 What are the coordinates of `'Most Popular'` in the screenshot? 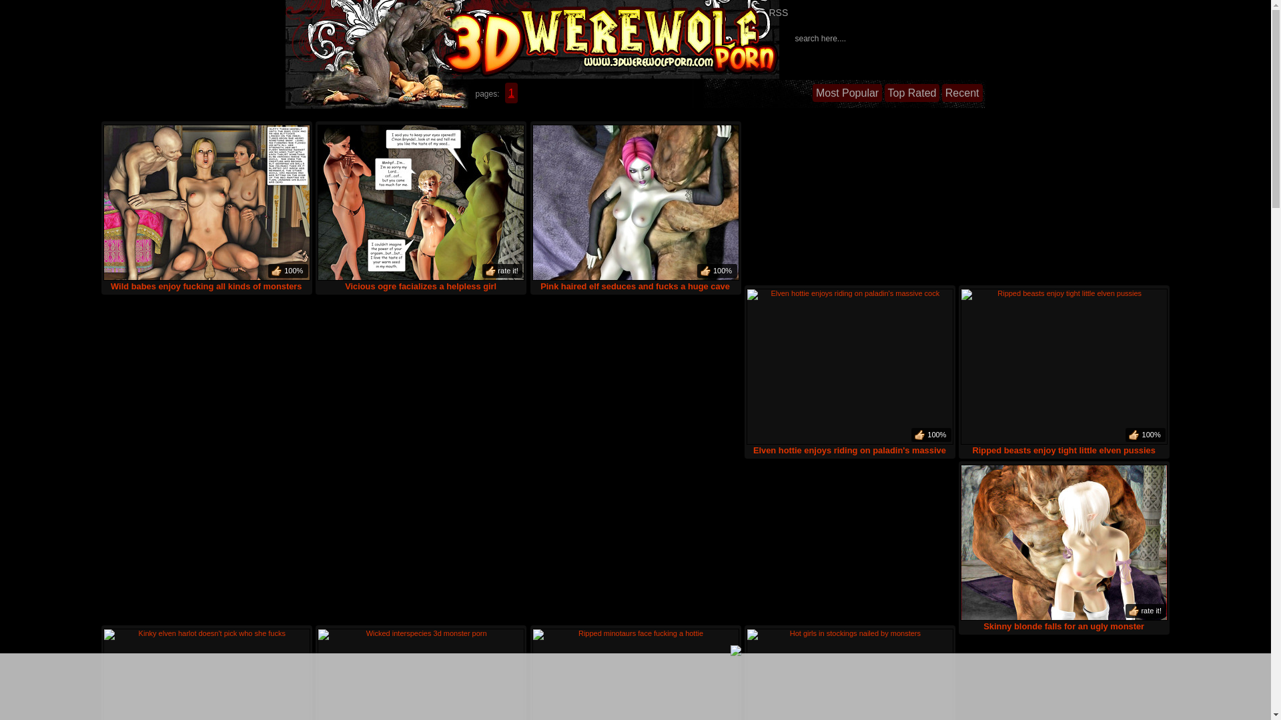 It's located at (847, 92).